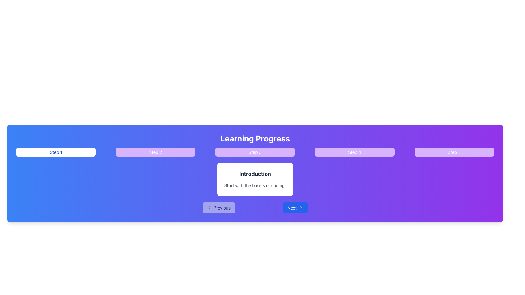 The width and height of the screenshot is (525, 295). I want to click on the rectangular button with a white background and blue text that reads 'Step 1', so click(56, 152).